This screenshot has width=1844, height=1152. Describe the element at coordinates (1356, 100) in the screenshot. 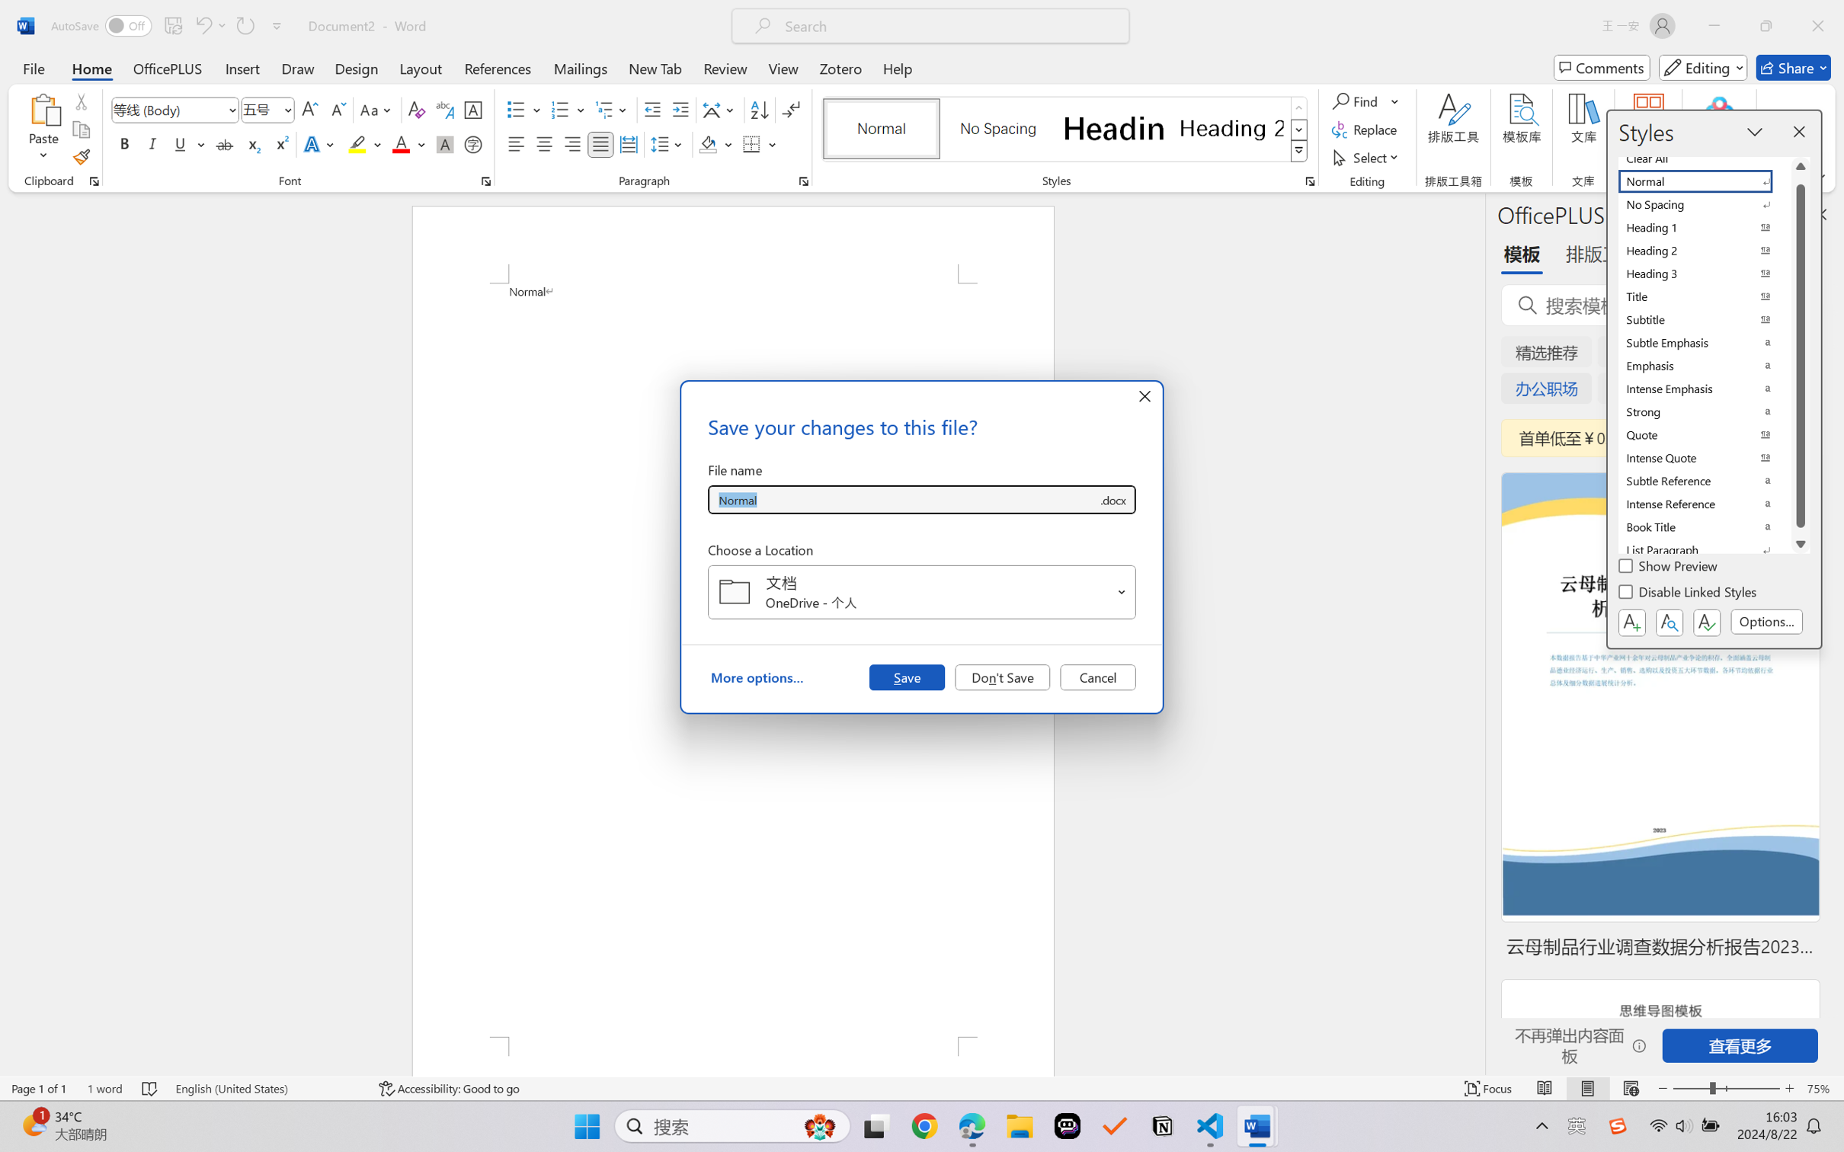

I see `'Find'` at that location.